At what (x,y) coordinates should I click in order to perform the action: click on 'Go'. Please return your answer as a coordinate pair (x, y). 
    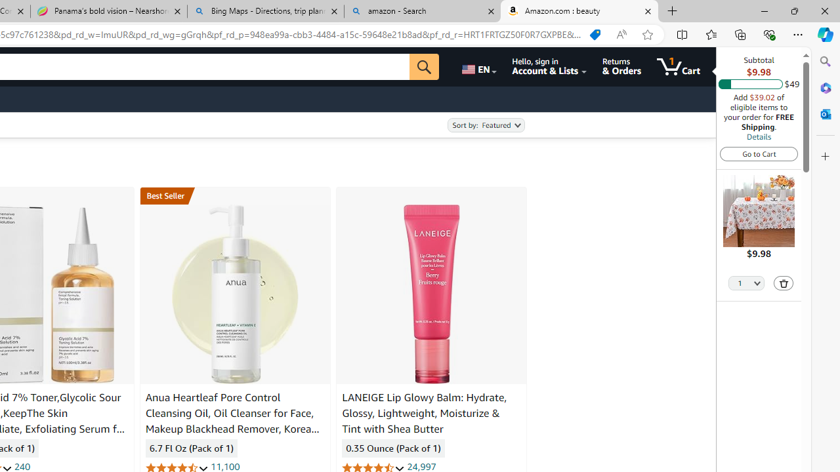
    Looking at the image, I should click on (425, 66).